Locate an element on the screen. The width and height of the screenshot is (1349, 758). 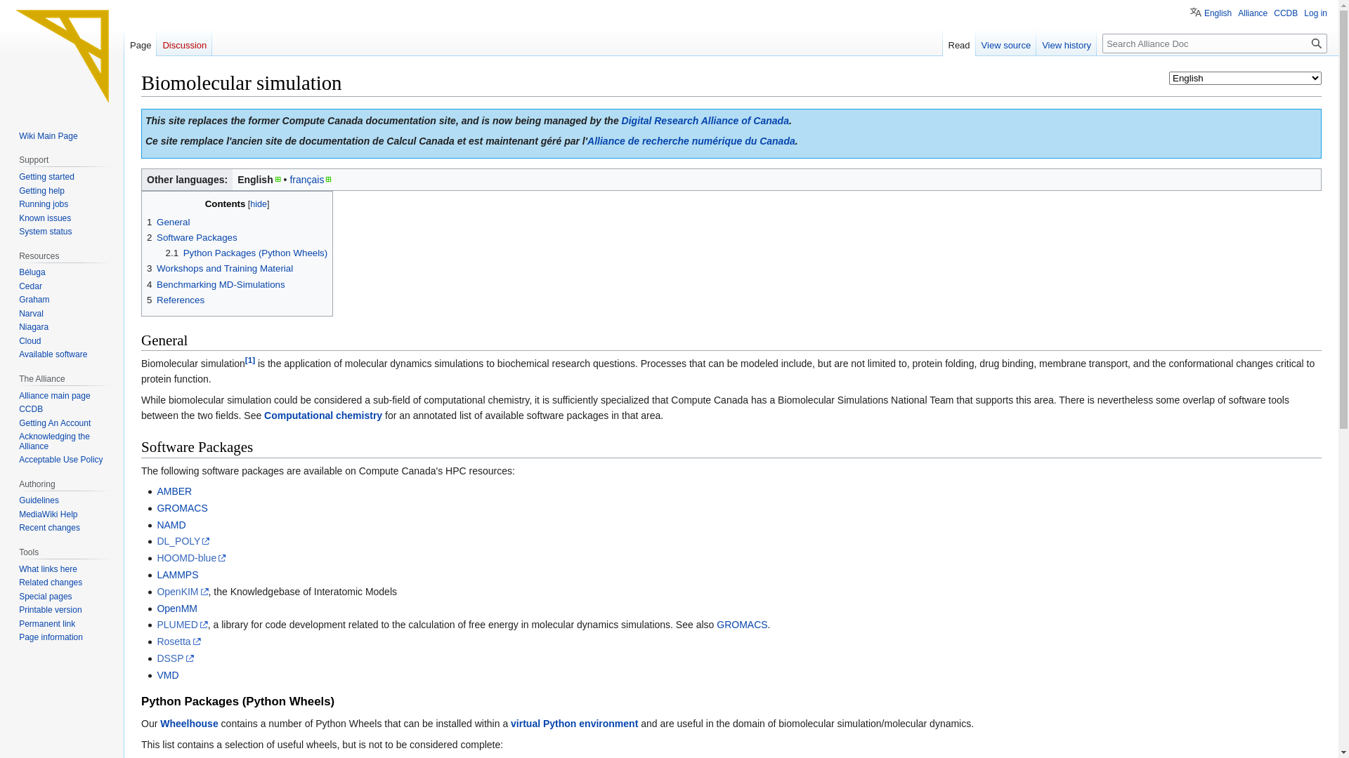
'Acknowledging the Alliance' is located at coordinates (54, 440).